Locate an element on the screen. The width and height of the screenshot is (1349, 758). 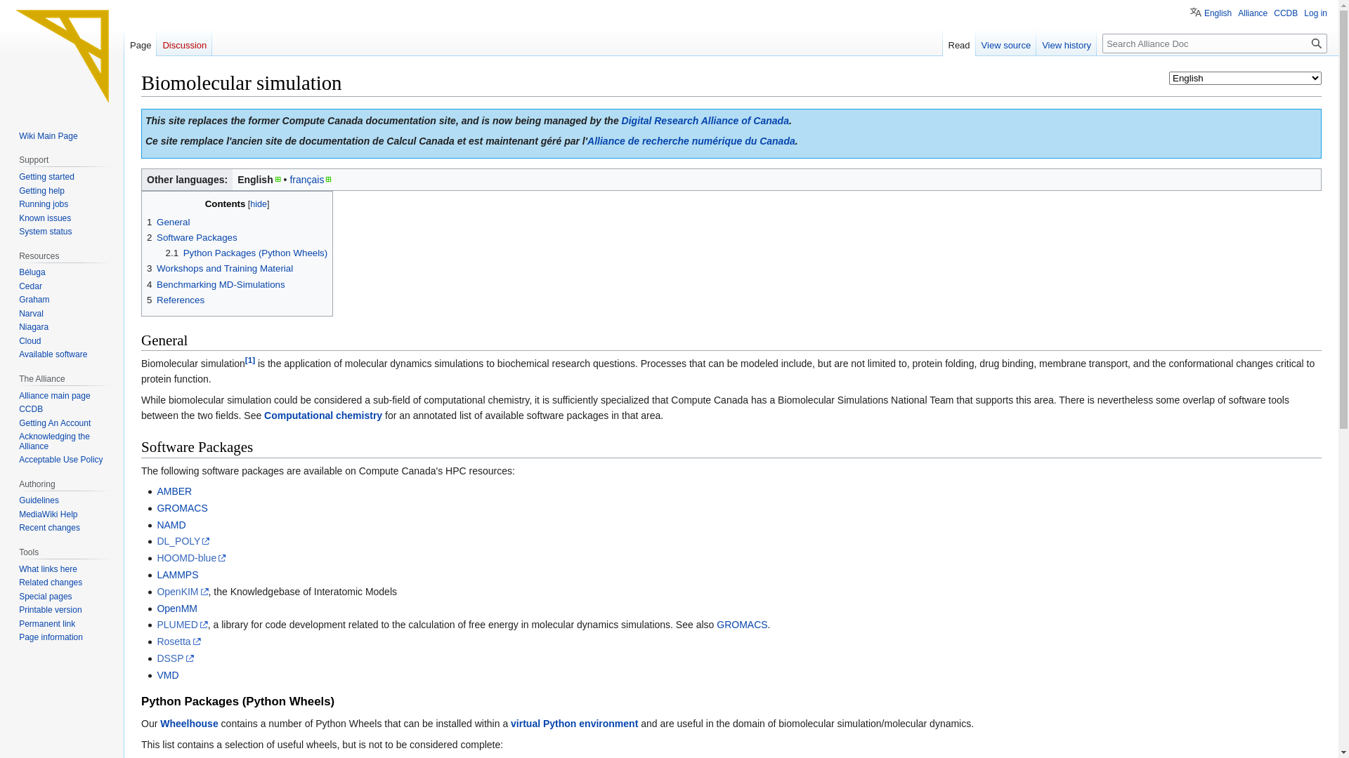
'Acknowledging the Alliance' is located at coordinates (54, 440).